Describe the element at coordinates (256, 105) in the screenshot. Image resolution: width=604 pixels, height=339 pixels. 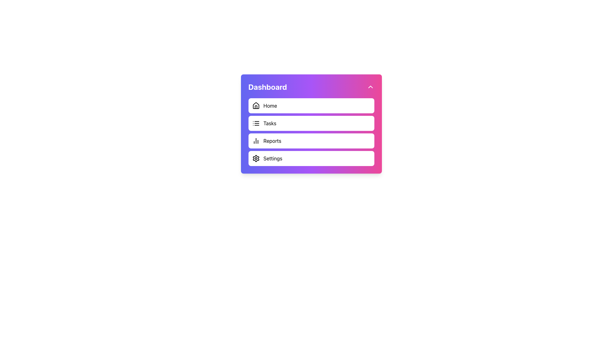
I see `the 'Home' icon represented as an SVG graphic located to the left of the 'Home' label in the navigation menu` at that location.